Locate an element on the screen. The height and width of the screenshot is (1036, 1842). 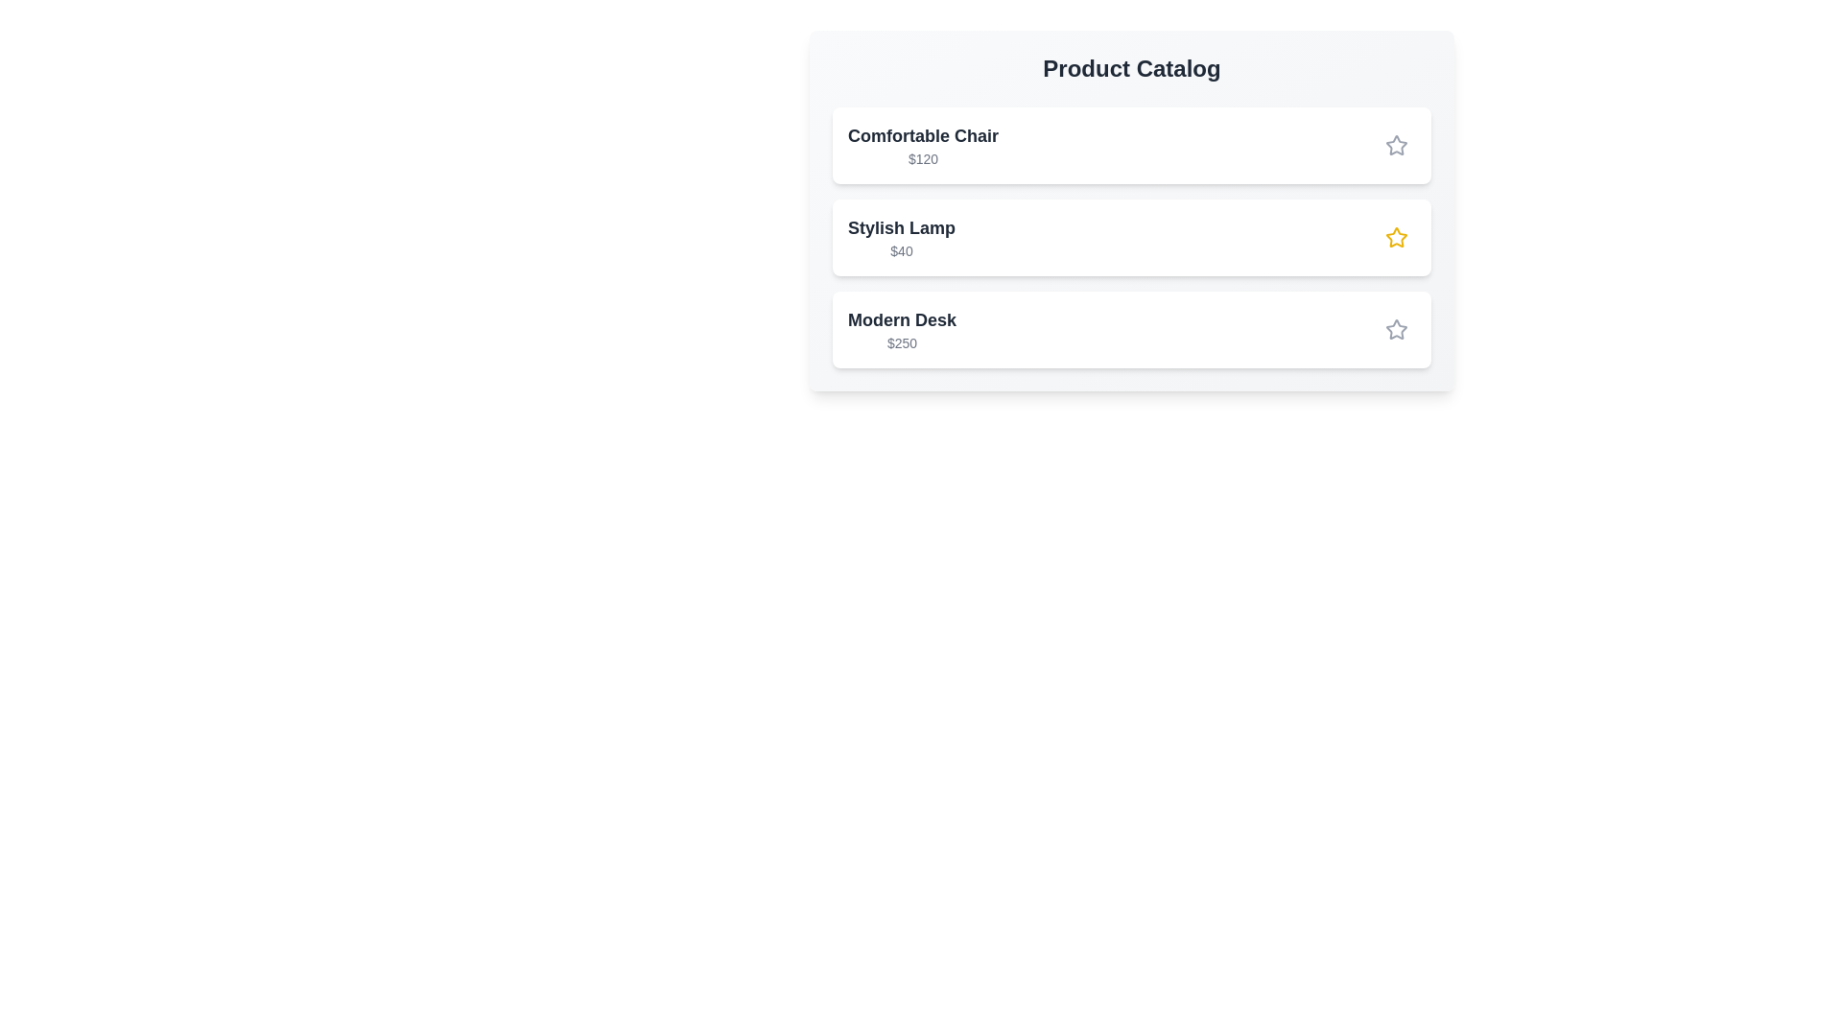
the product Comfortable Chair in the catalog for inspection is located at coordinates (1132, 144).